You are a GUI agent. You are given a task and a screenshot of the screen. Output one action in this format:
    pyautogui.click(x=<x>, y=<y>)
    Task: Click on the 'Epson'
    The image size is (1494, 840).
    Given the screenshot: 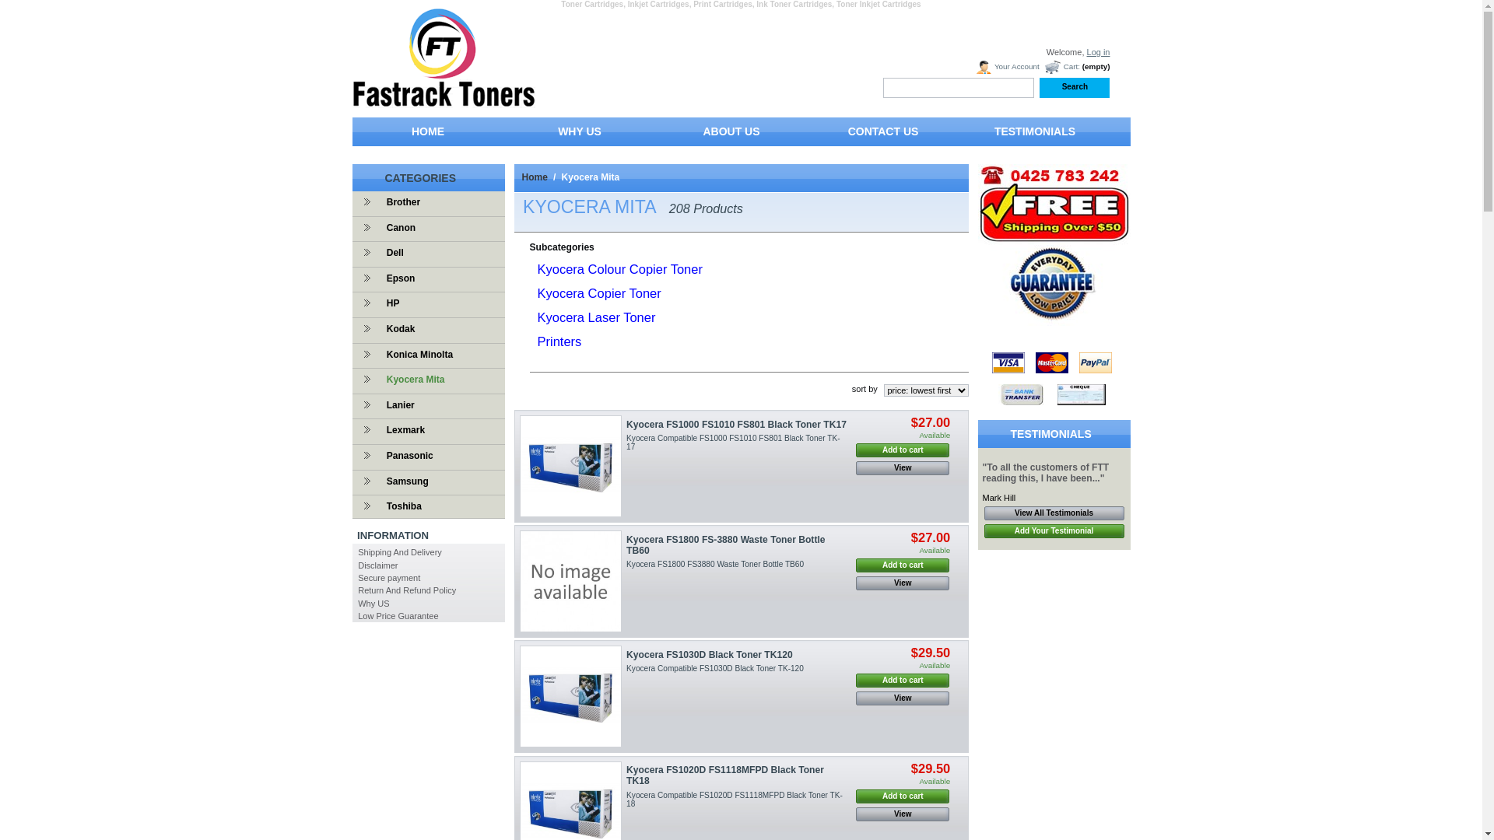 What is the action you would take?
    pyautogui.click(x=378, y=278)
    